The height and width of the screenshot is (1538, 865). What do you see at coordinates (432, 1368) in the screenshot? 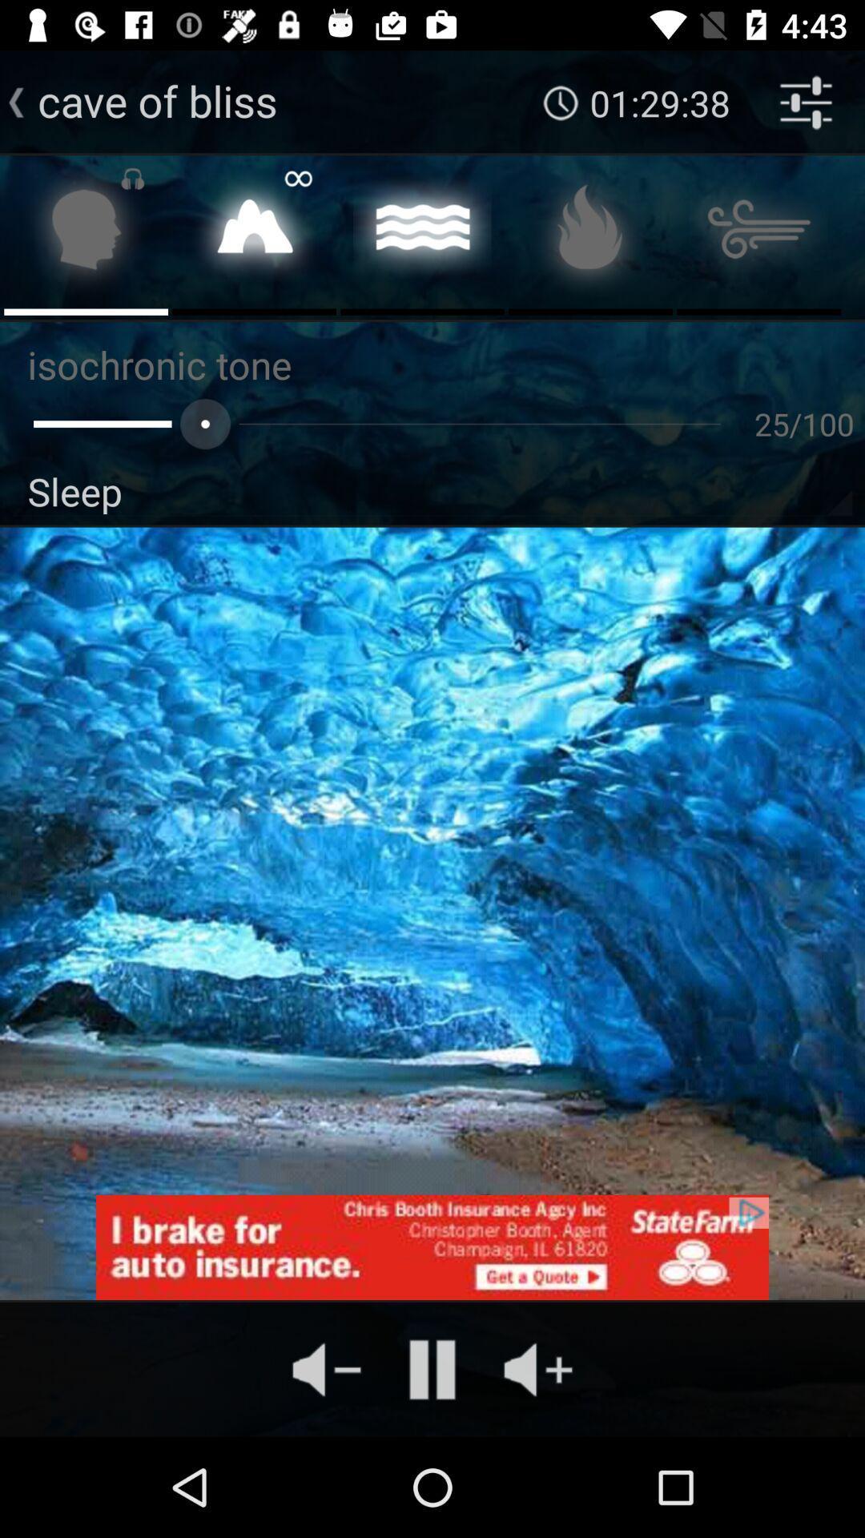
I see `the pause icon` at bounding box center [432, 1368].